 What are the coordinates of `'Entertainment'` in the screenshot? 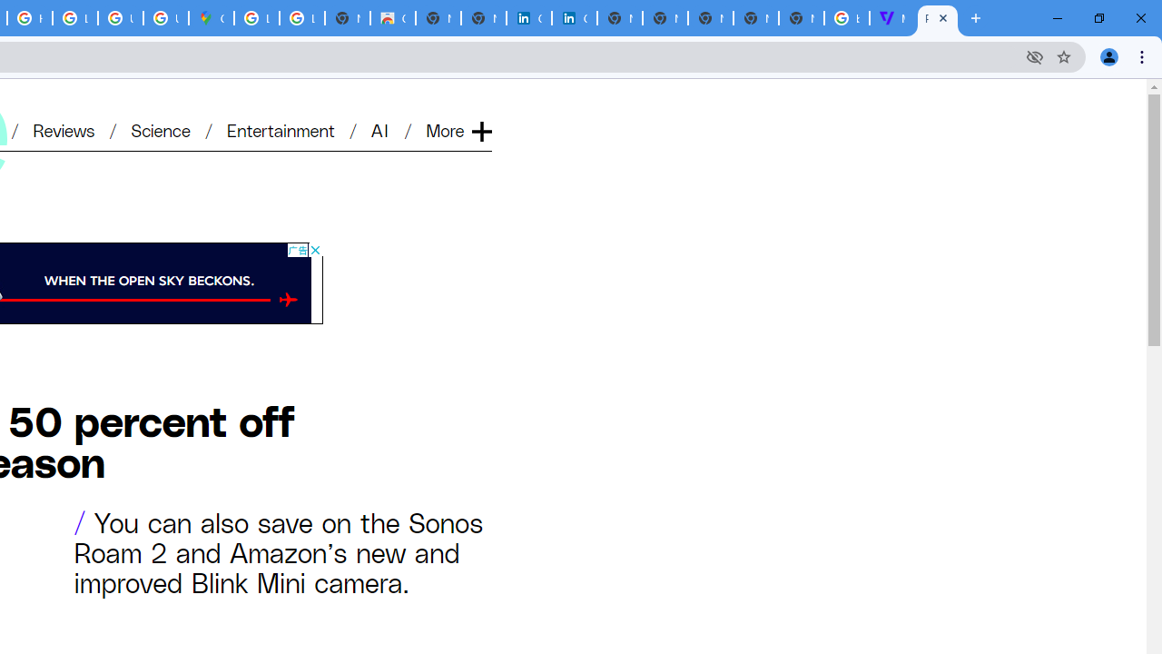 It's located at (280, 128).